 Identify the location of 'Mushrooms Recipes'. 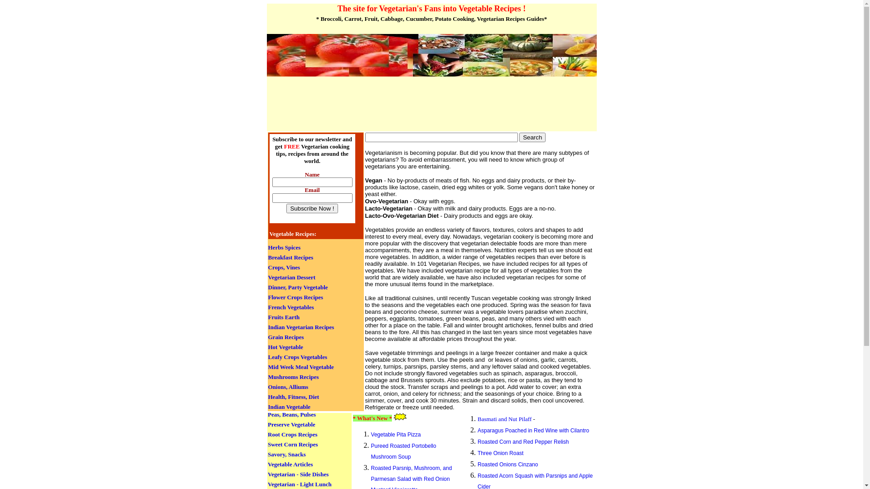
(294, 377).